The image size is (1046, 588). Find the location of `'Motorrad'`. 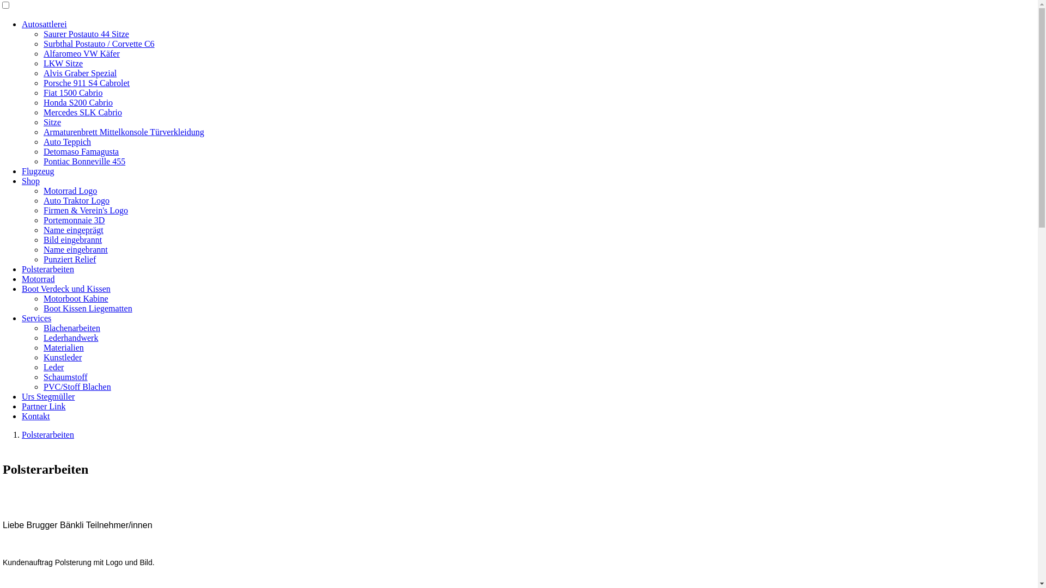

'Motorrad' is located at coordinates (38, 278).